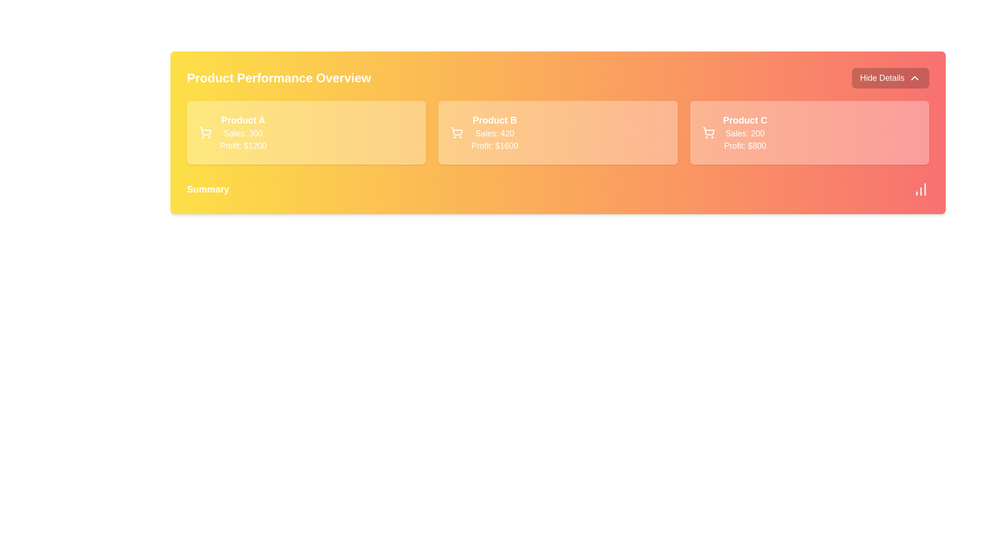 Image resolution: width=989 pixels, height=556 pixels. I want to click on Text Label which serves as the title or heading for the product information card, positioned at the top left corner of the card, so click(243, 120).